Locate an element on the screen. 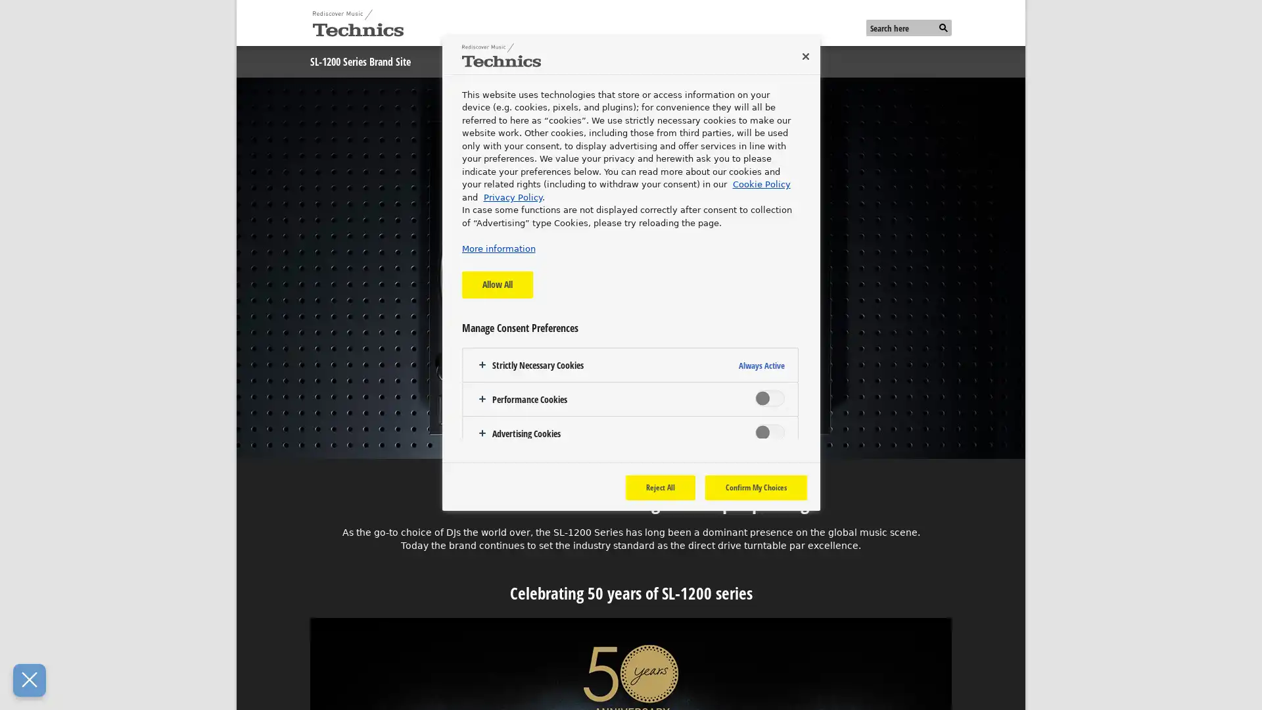  Advertising Cookies is located at coordinates (629, 433).